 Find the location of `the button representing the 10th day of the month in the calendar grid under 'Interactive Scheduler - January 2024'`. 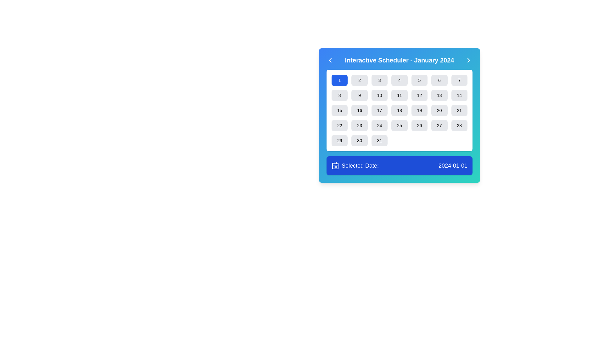

the button representing the 10th day of the month in the calendar grid under 'Interactive Scheduler - January 2024' is located at coordinates (379, 95).